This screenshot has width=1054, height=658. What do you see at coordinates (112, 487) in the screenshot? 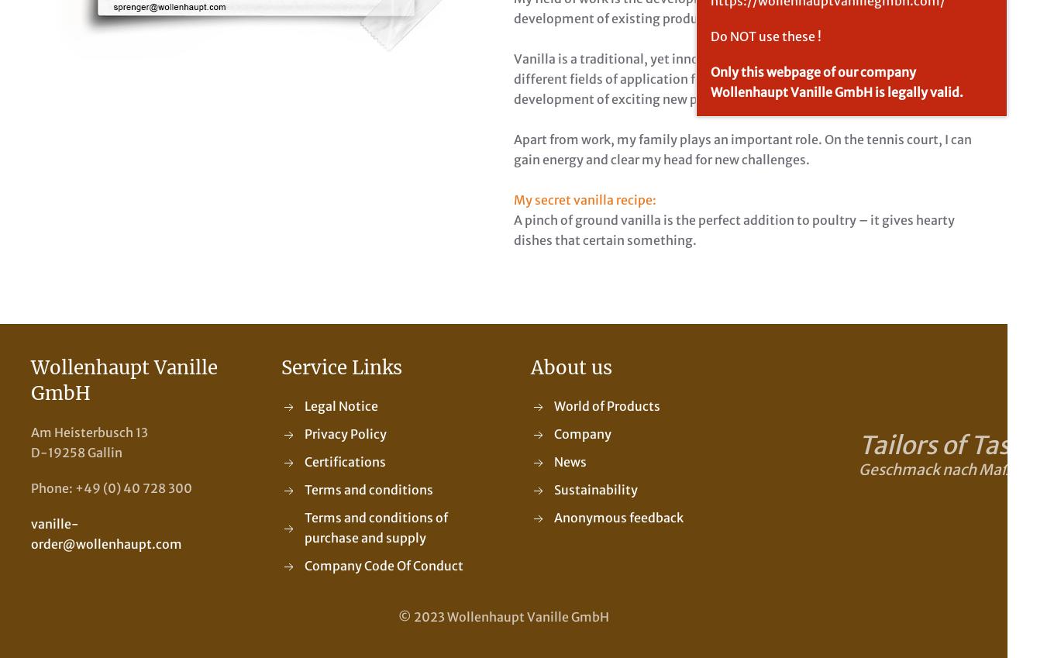
I see `'Phone: +49 (0) 40 728 300'` at bounding box center [112, 487].